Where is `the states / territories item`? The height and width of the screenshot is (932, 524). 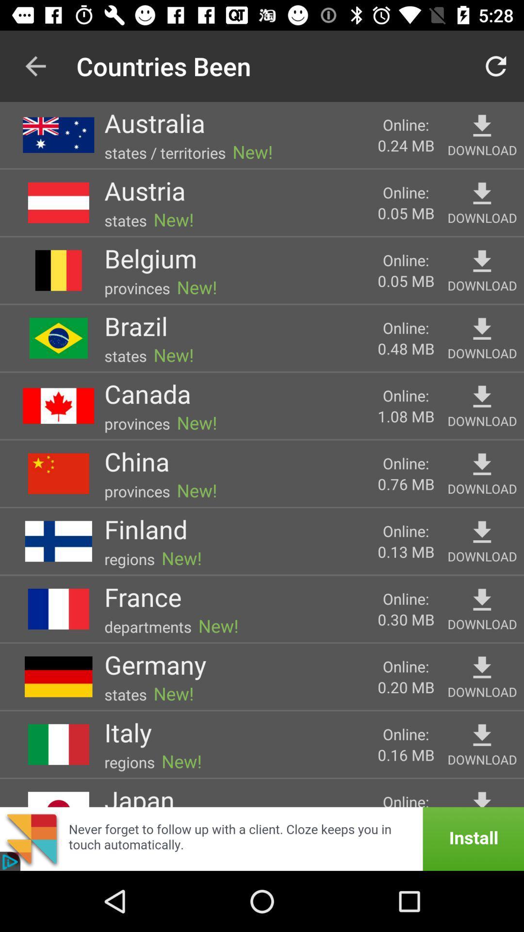
the states / territories item is located at coordinates (164, 152).